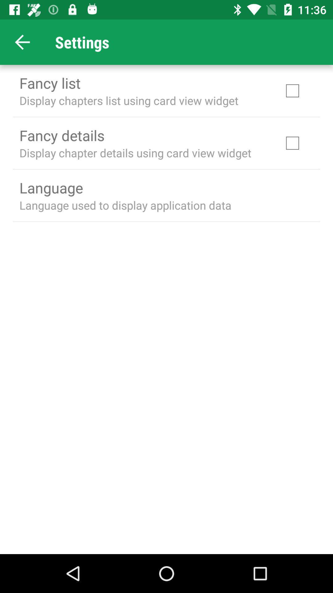 This screenshot has width=333, height=593. I want to click on the item at the center, so click(125, 205).